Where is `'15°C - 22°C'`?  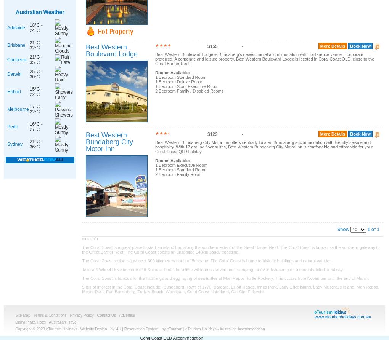 '15°C - 22°C' is located at coordinates (35, 91).